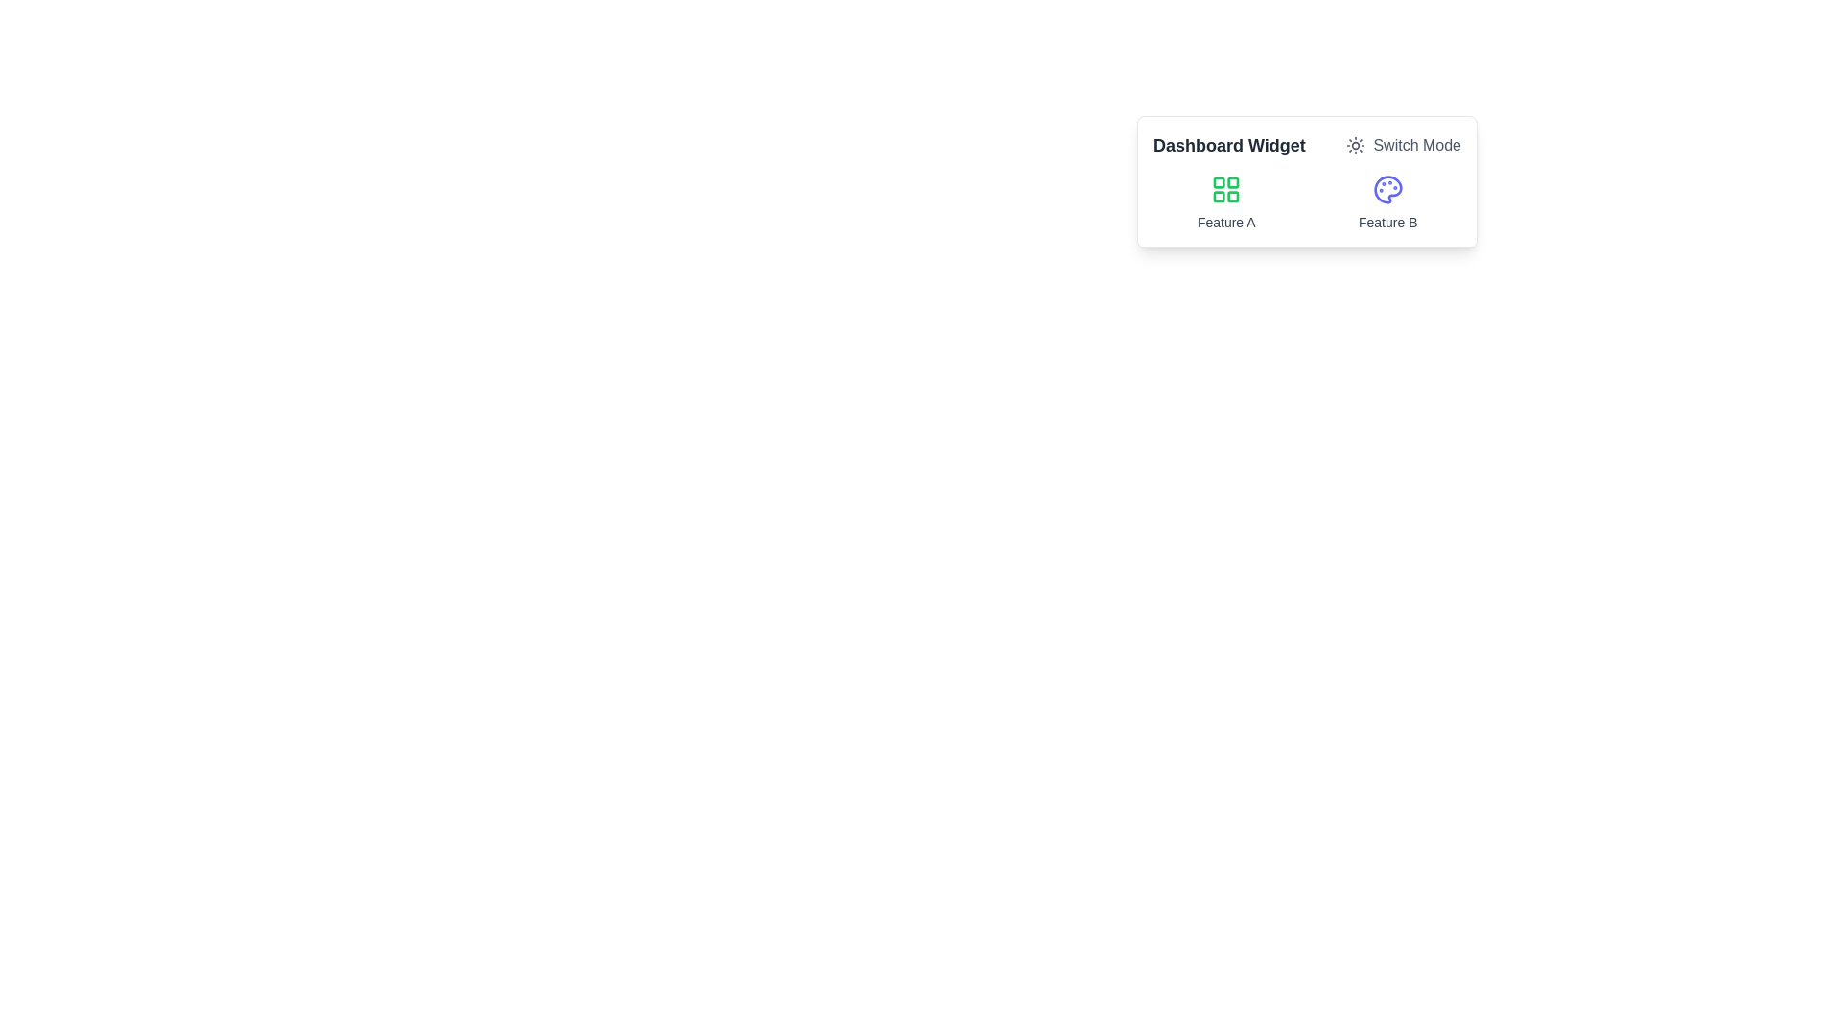 The width and height of the screenshot is (1841, 1036). What do you see at coordinates (1306, 203) in the screenshot?
I see `the icons within the 'Feature Selection Grid' located in the 'Dashboard Widget' to interact with 'Feature A' and 'Feature B'` at bounding box center [1306, 203].